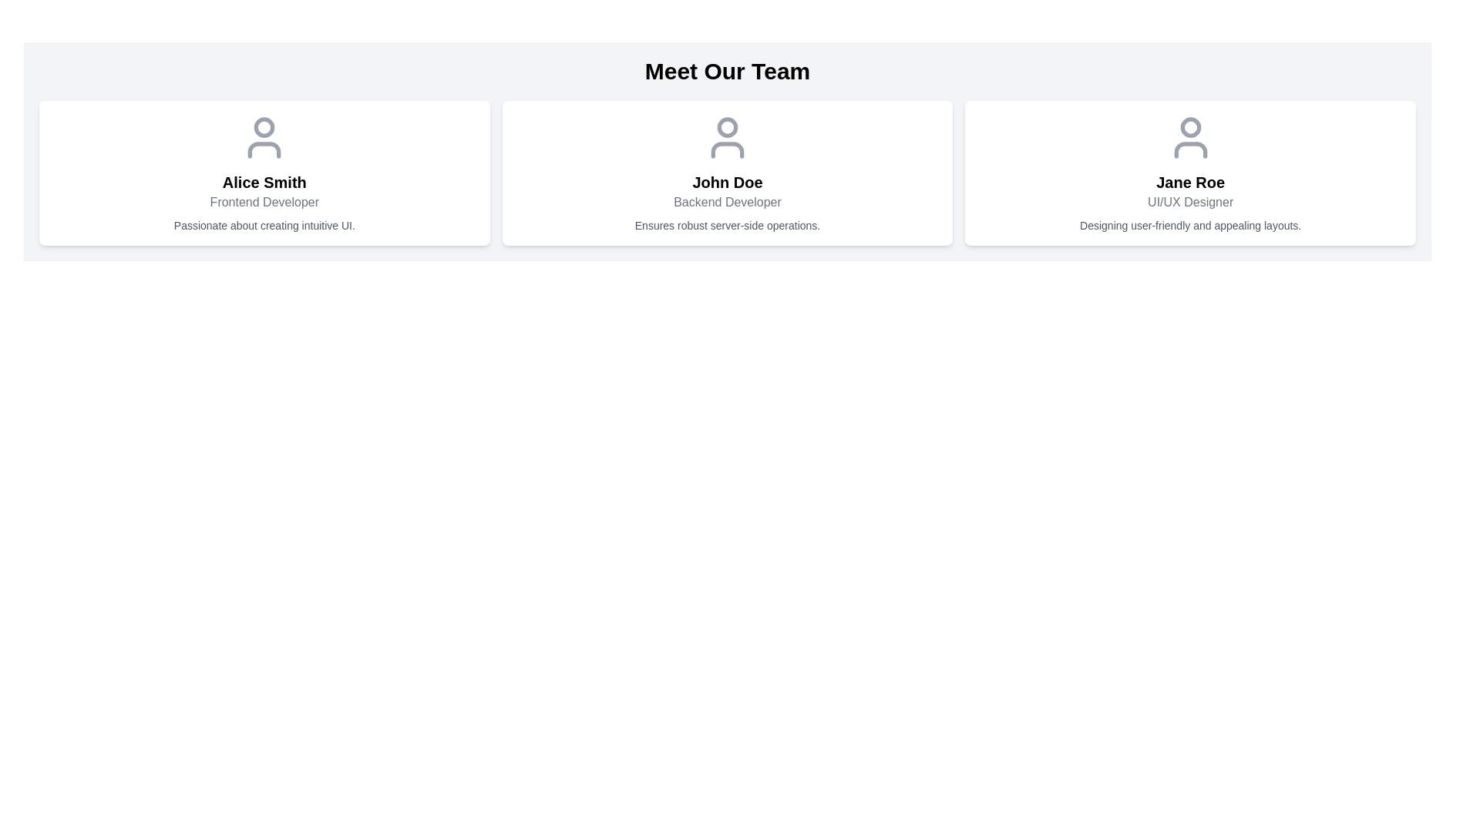  I want to click on descriptive text located at the bottom of the card for 'Alice Smith', below the role label 'Frontend Developer', so click(264, 226).